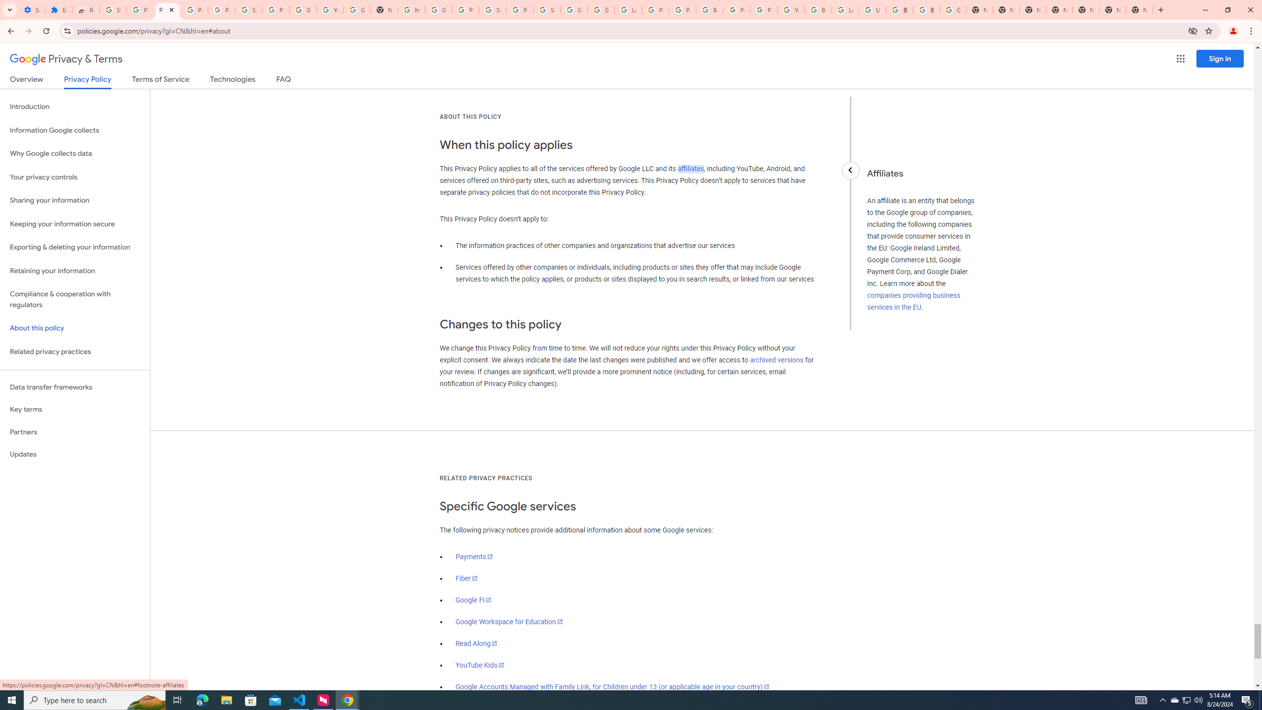 This screenshot has height=710, width=1262. What do you see at coordinates (74, 177) in the screenshot?
I see `'Your privacy controls'` at bounding box center [74, 177].